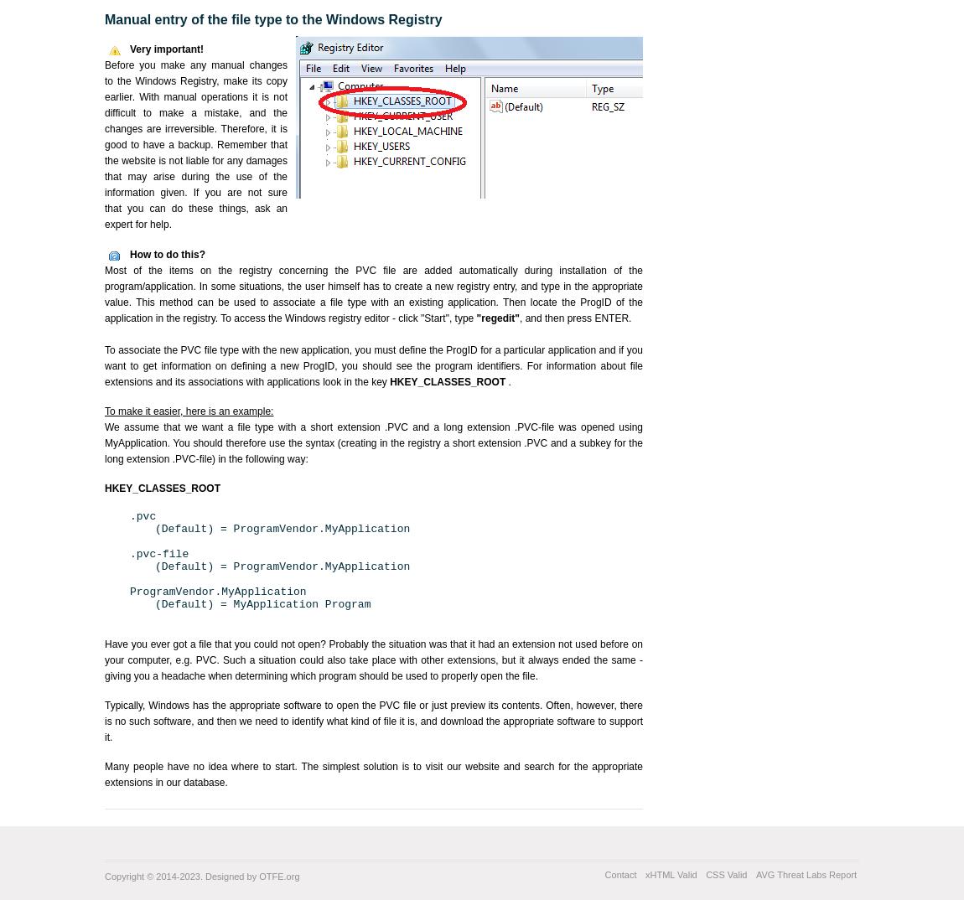 Image resolution: width=964 pixels, height=900 pixels. What do you see at coordinates (158, 553) in the screenshot?
I see `'.pvc-file'` at bounding box center [158, 553].